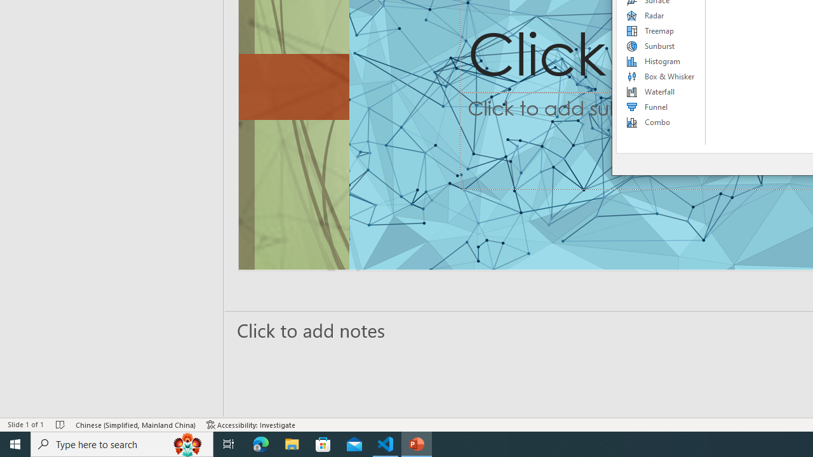 This screenshot has width=813, height=457. Describe the element at coordinates (661, 15) in the screenshot. I see `'Radar'` at that location.